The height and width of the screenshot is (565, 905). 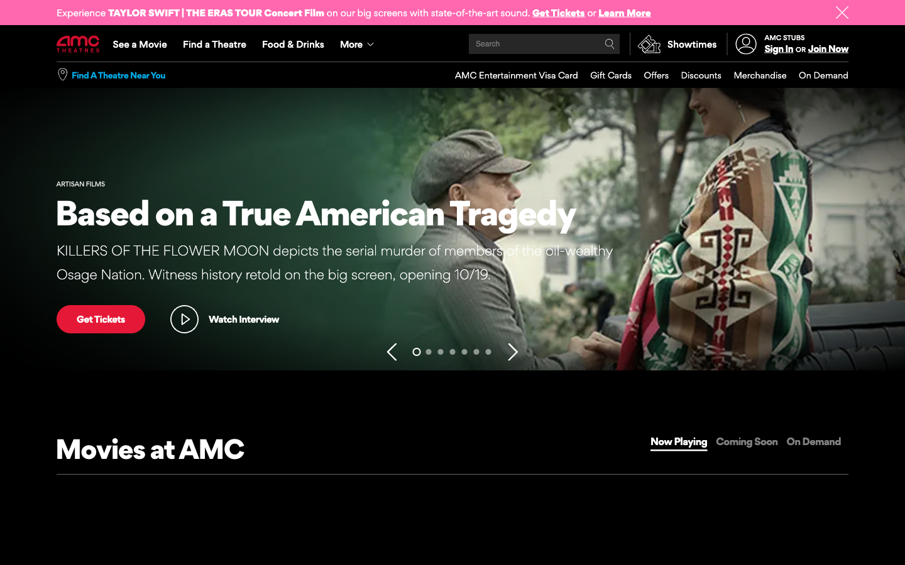 What do you see at coordinates (224, 318) in the screenshot?
I see `video player` at bounding box center [224, 318].